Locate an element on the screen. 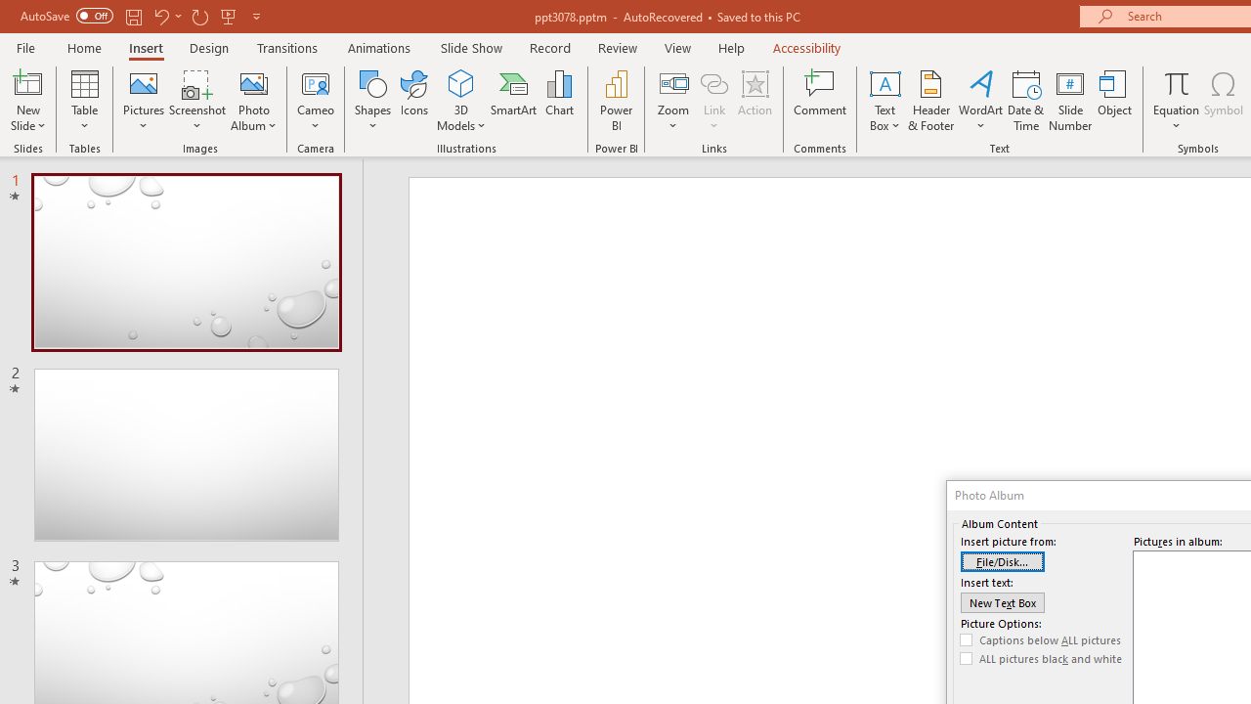  'Symbol...' is located at coordinates (1223, 101).